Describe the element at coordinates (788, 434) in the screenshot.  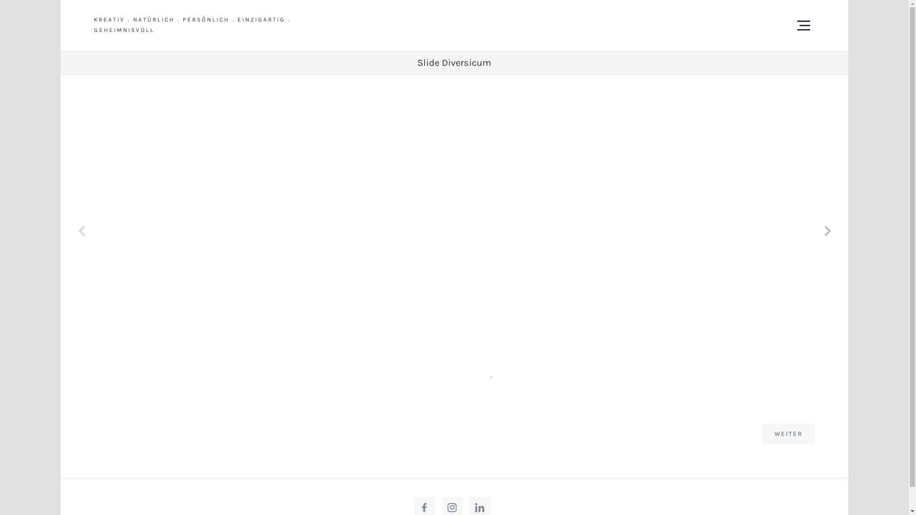
I see `'WEITER'` at that location.